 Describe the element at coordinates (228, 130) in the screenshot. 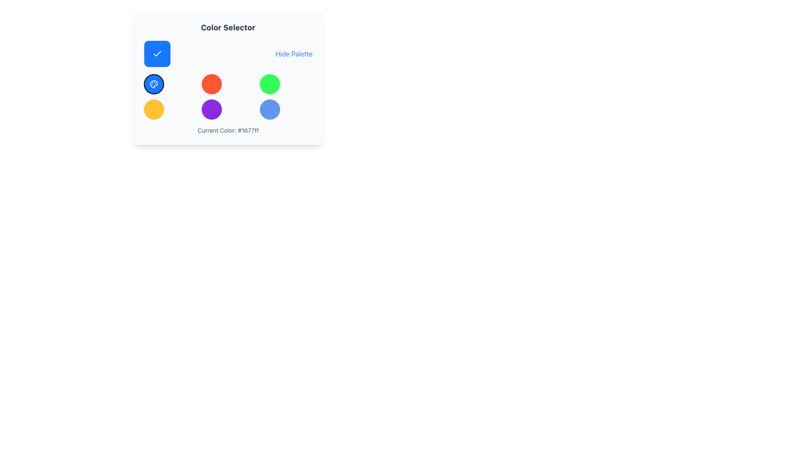

I see `the text display element showing 'Current Color: #1677ff', which is styled in gray and located at the bottom of the color selector interface` at that location.